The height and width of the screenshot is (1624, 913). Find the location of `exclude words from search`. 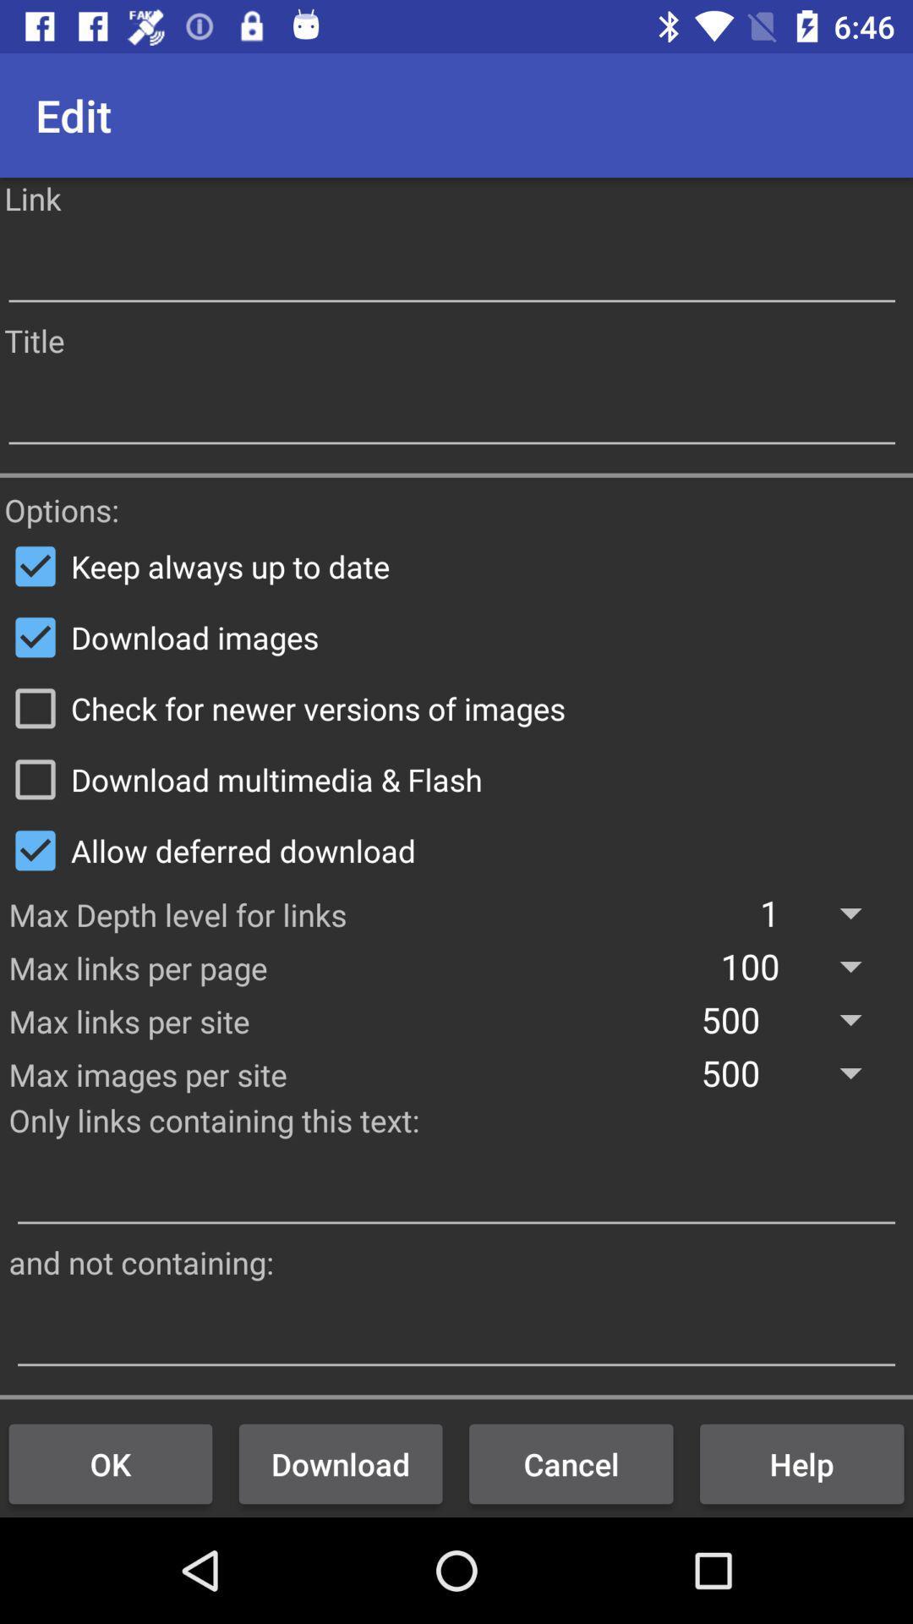

exclude words from search is located at coordinates (456, 1332).